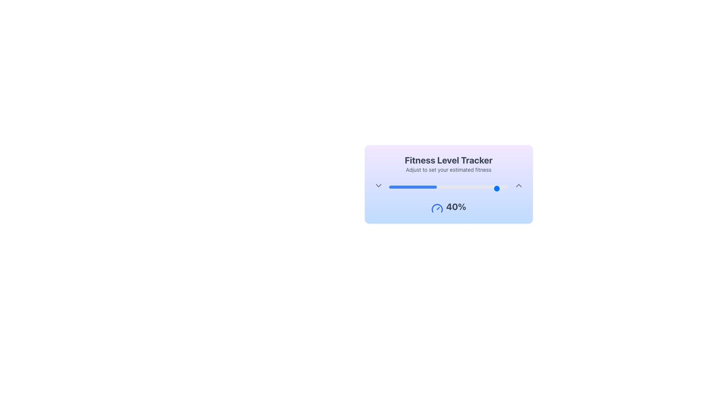  I want to click on the blue gauge icon located to the left of the '40%' text in the 'Fitness Level Tracker' panel, so click(437, 208).